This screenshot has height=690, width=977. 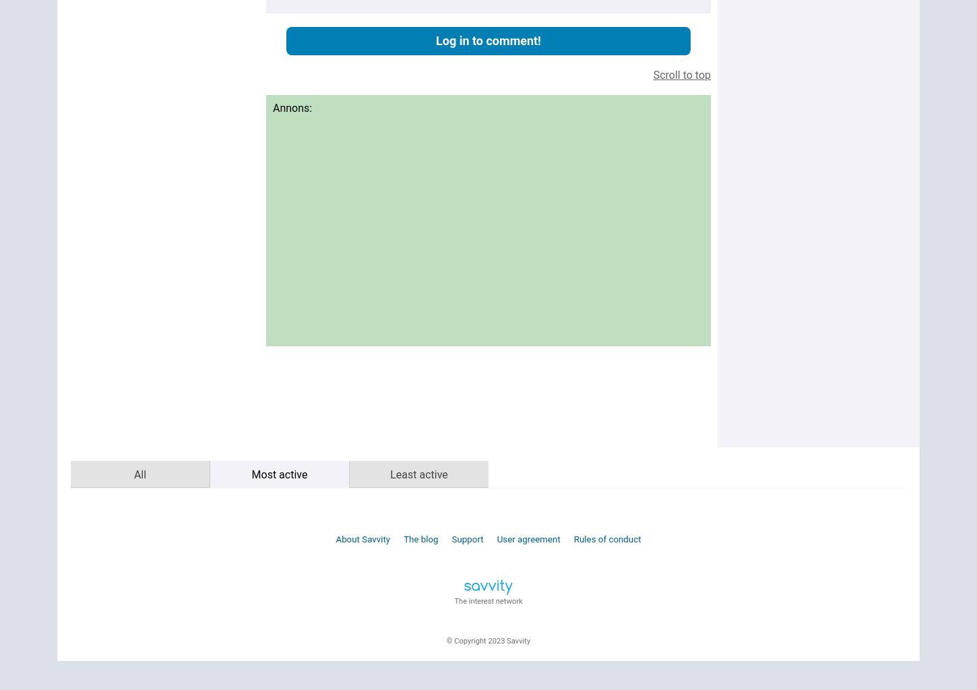 I want to click on 'User agreement', so click(x=528, y=538).